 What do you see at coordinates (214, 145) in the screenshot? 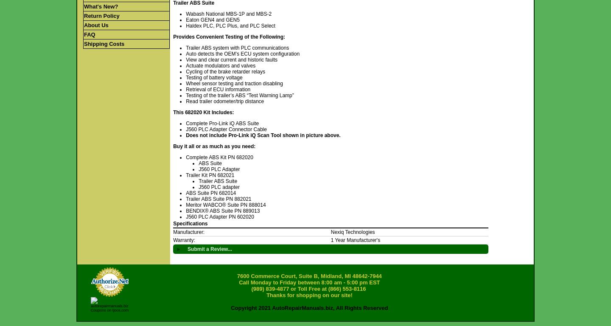
I see `'Buy it all or as much as you need:'` at bounding box center [214, 145].